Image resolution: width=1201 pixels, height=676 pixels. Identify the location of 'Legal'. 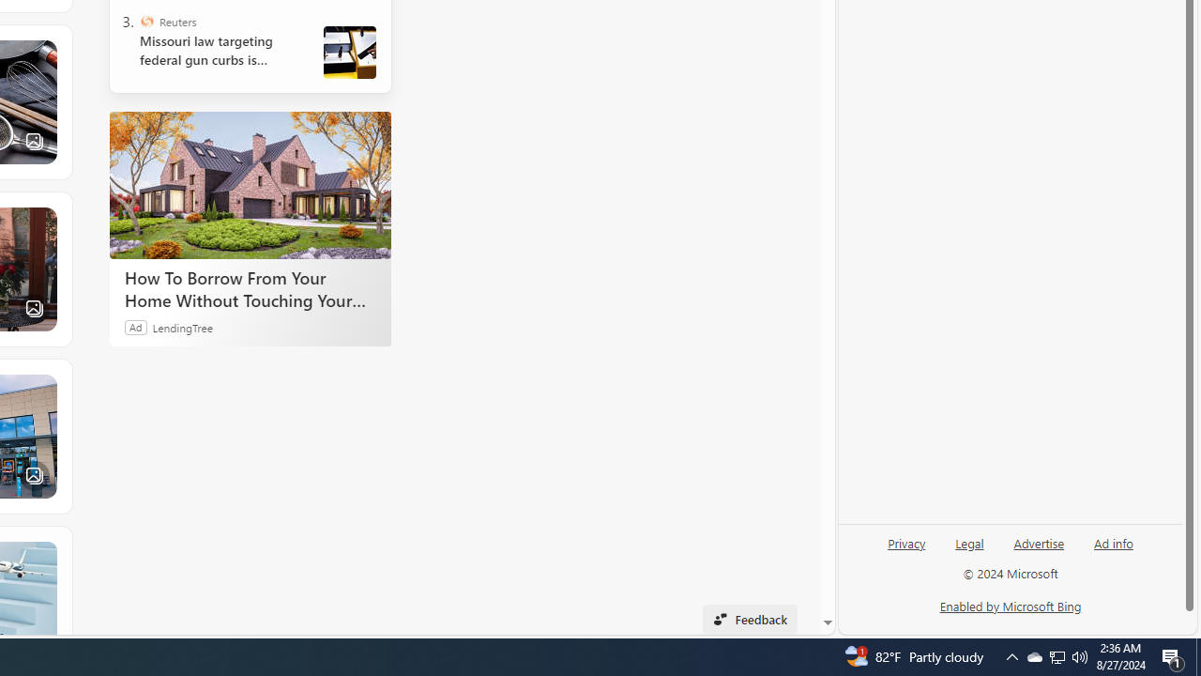
(969, 549).